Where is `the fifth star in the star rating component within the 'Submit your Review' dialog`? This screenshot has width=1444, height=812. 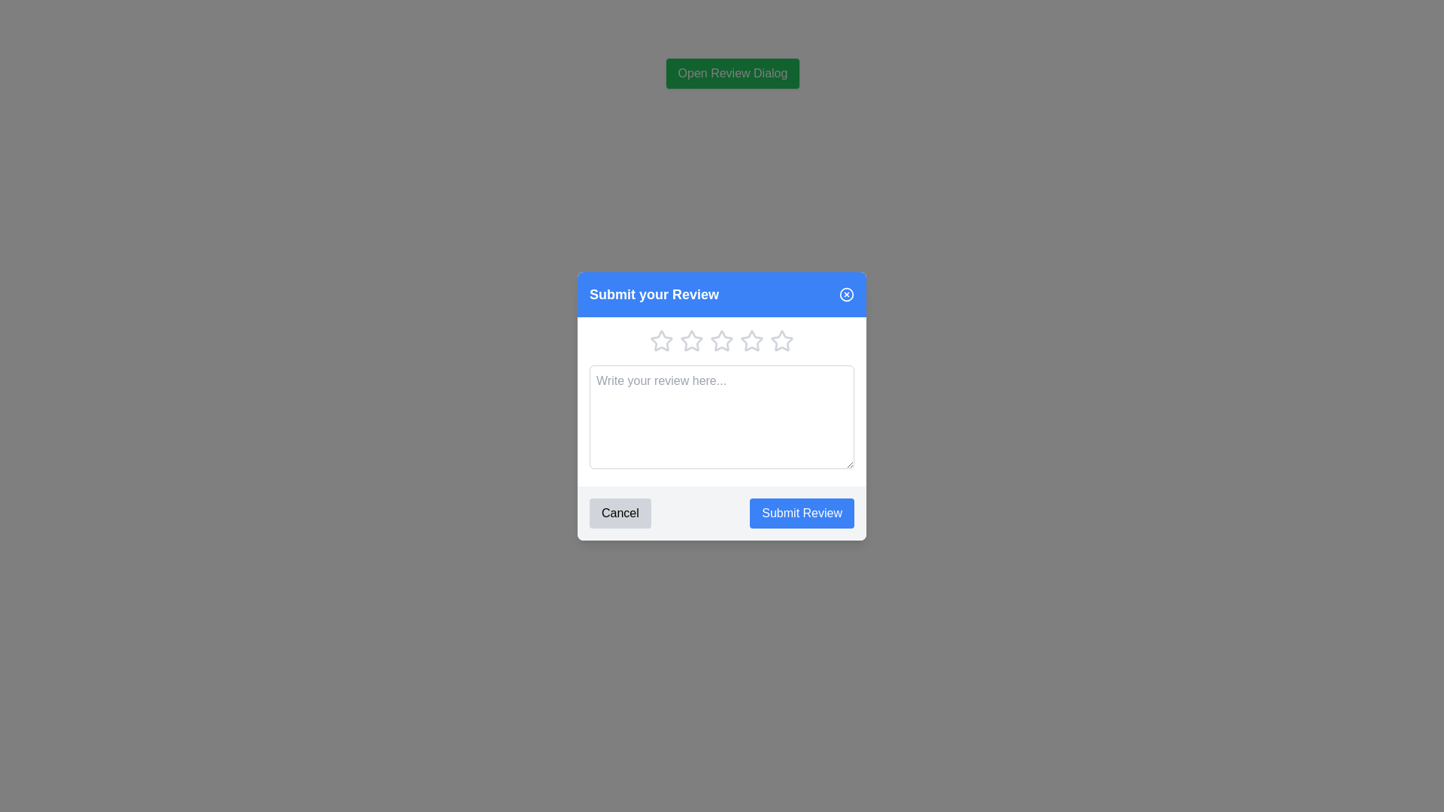
the fifth star in the star rating component within the 'Submit your Review' dialog is located at coordinates (782, 340).